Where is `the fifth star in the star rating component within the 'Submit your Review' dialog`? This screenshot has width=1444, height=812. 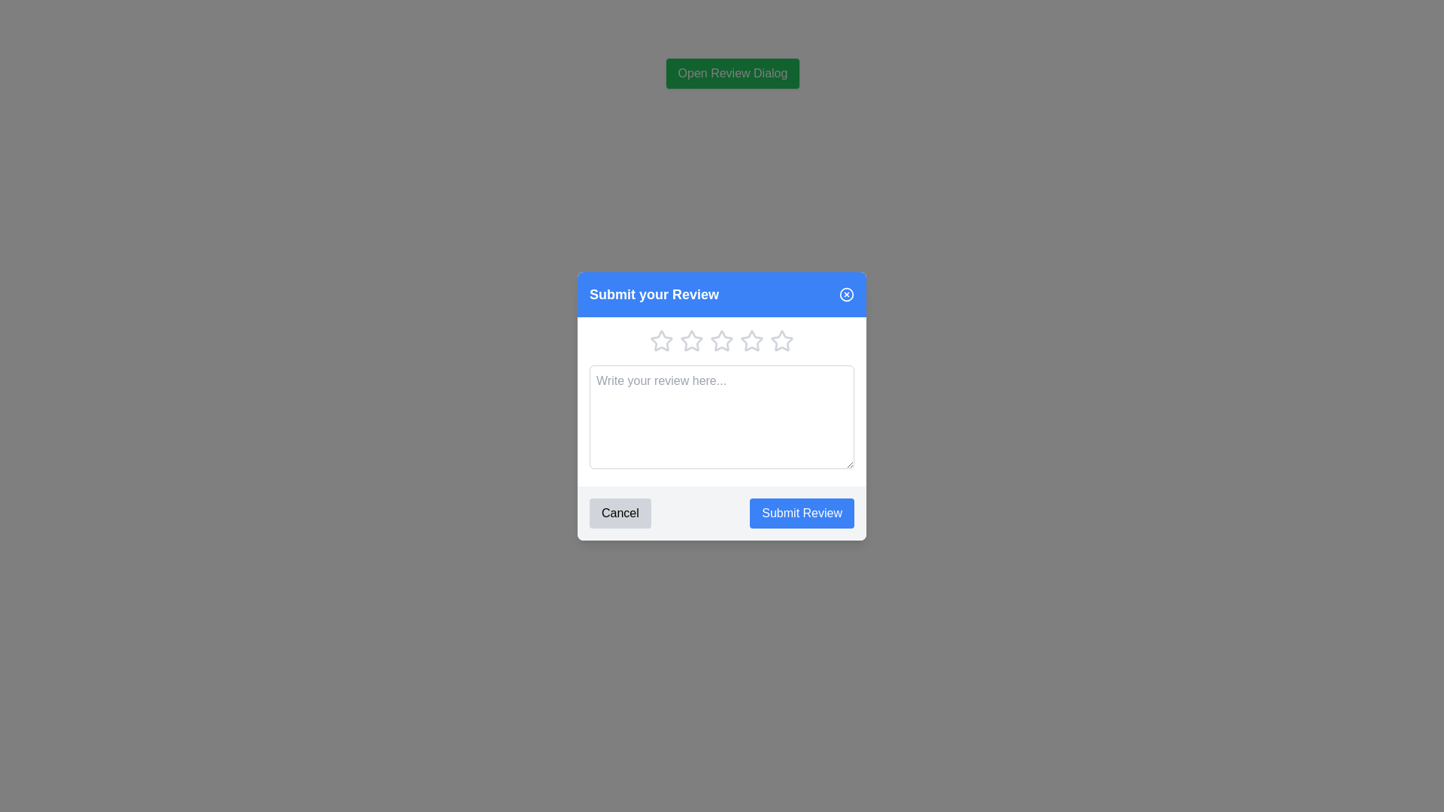
the fifth star in the star rating component within the 'Submit your Review' dialog is located at coordinates (782, 340).